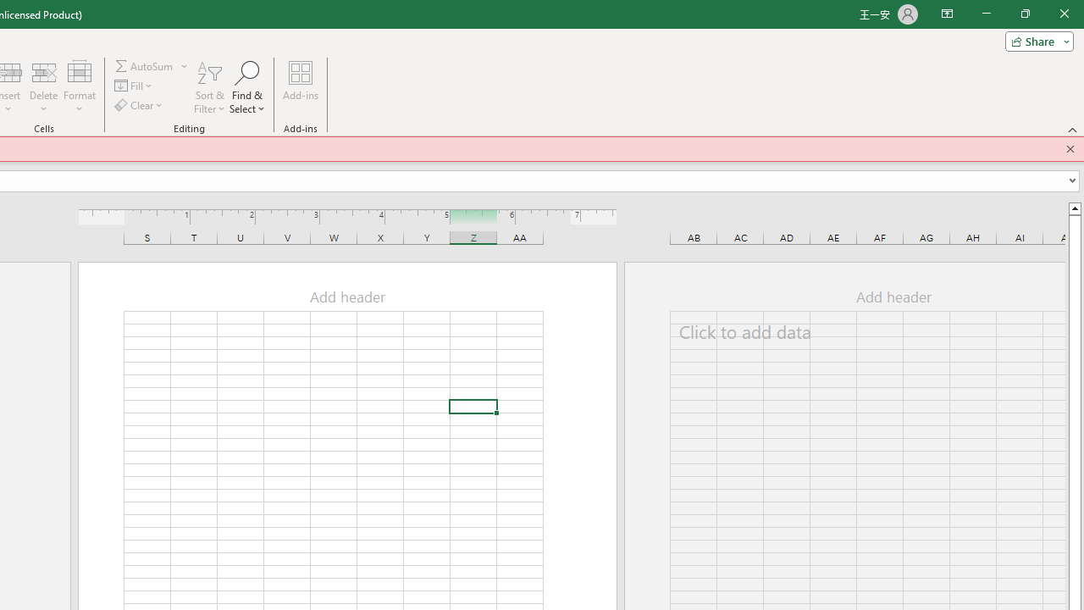  Describe the element at coordinates (145, 65) in the screenshot. I see `'Sum'` at that location.